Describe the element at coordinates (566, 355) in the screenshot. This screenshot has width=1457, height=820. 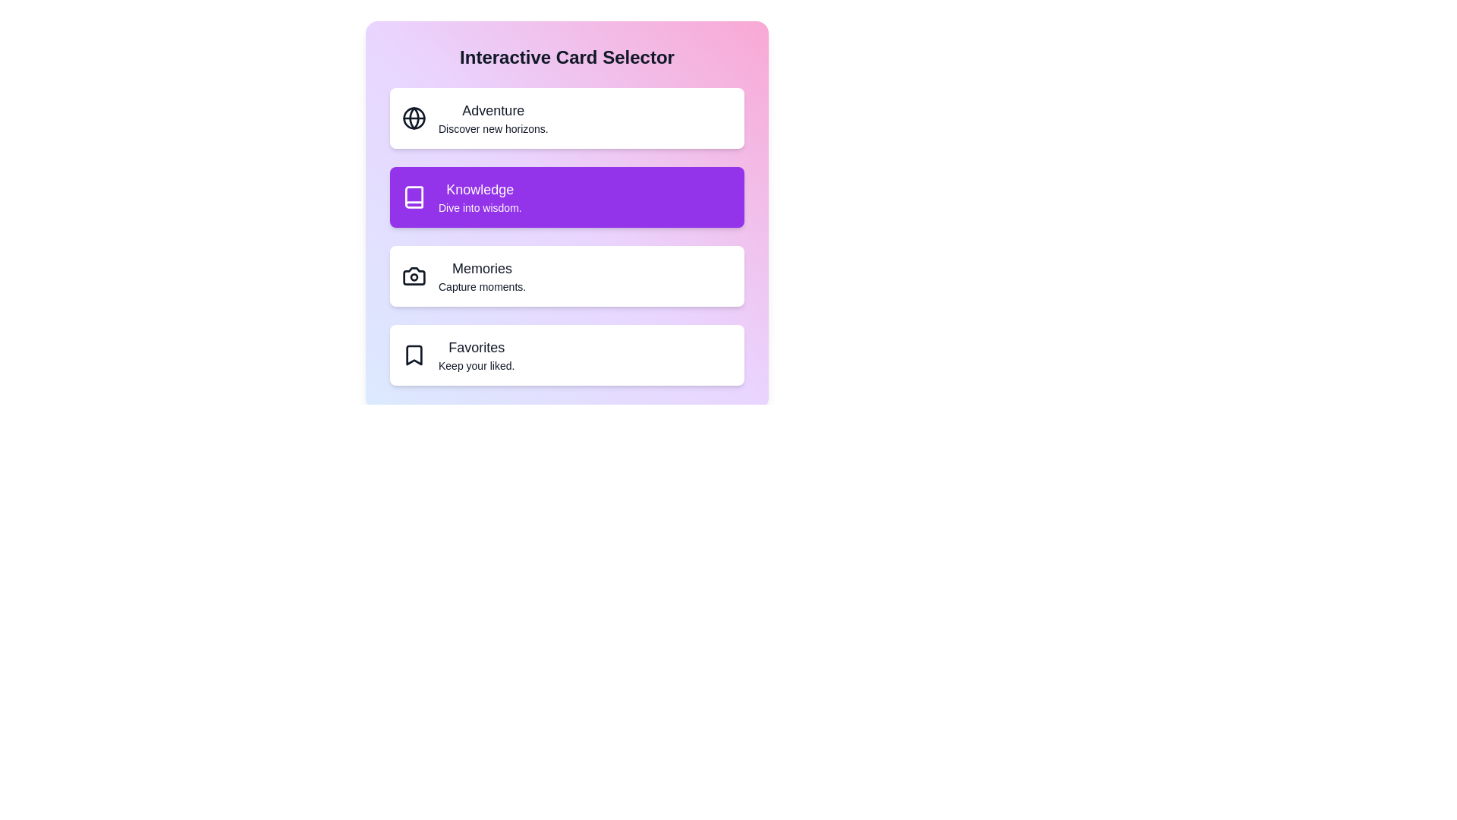
I see `the card labeled Favorites` at that location.